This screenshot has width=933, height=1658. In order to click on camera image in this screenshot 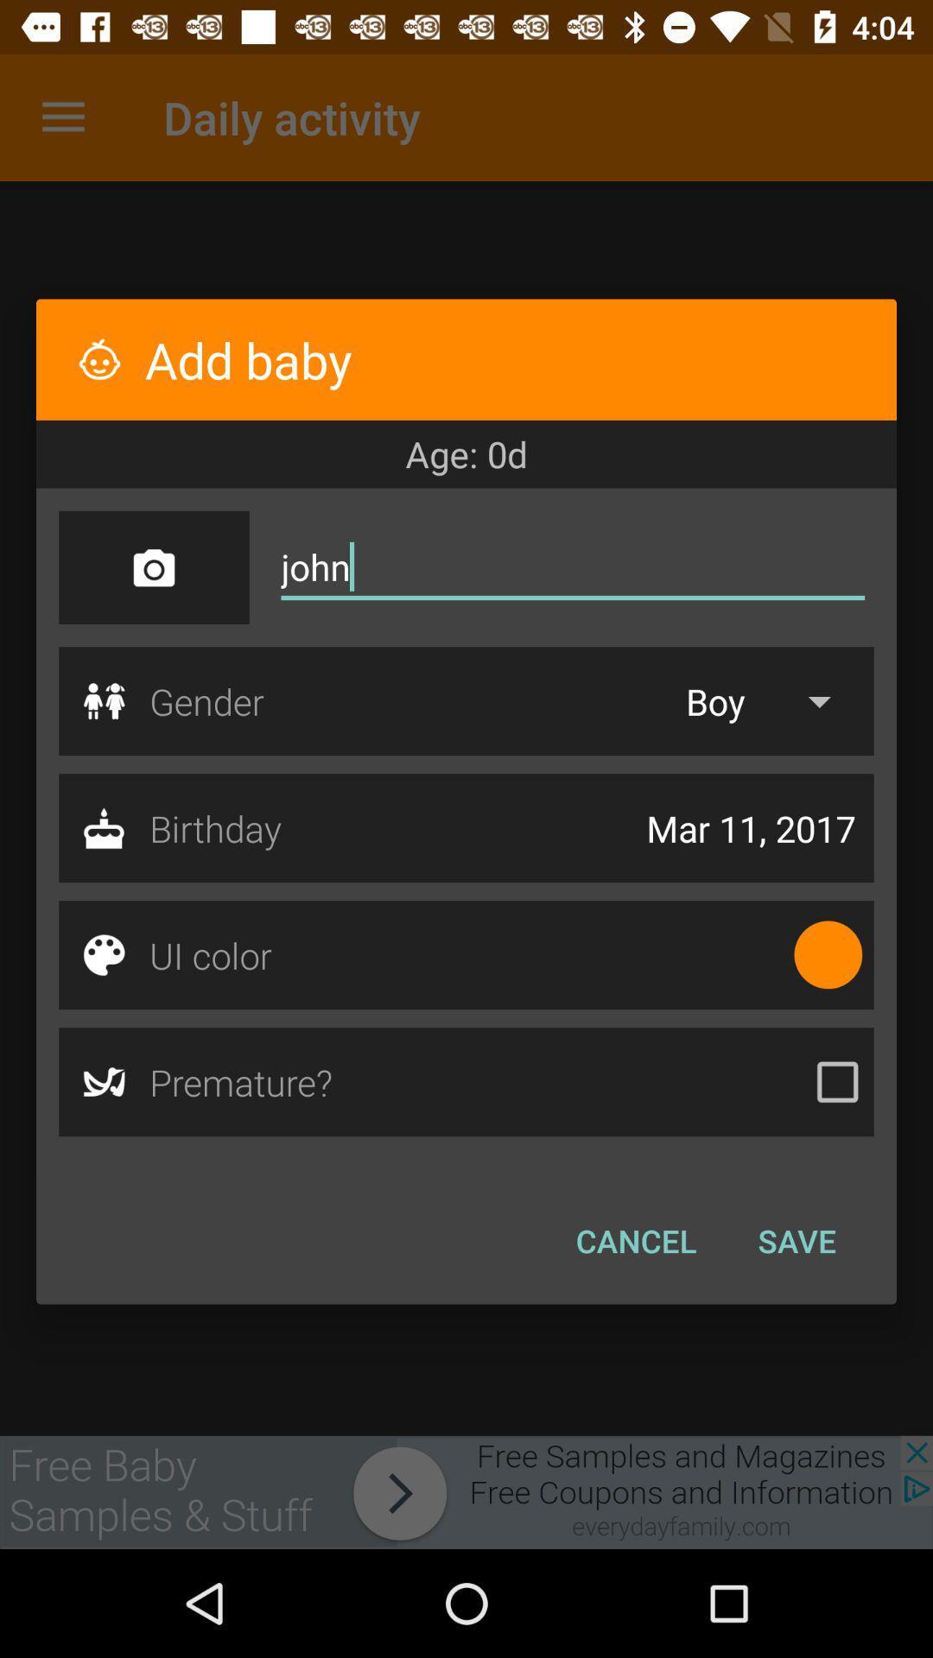, I will do `click(153, 567)`.